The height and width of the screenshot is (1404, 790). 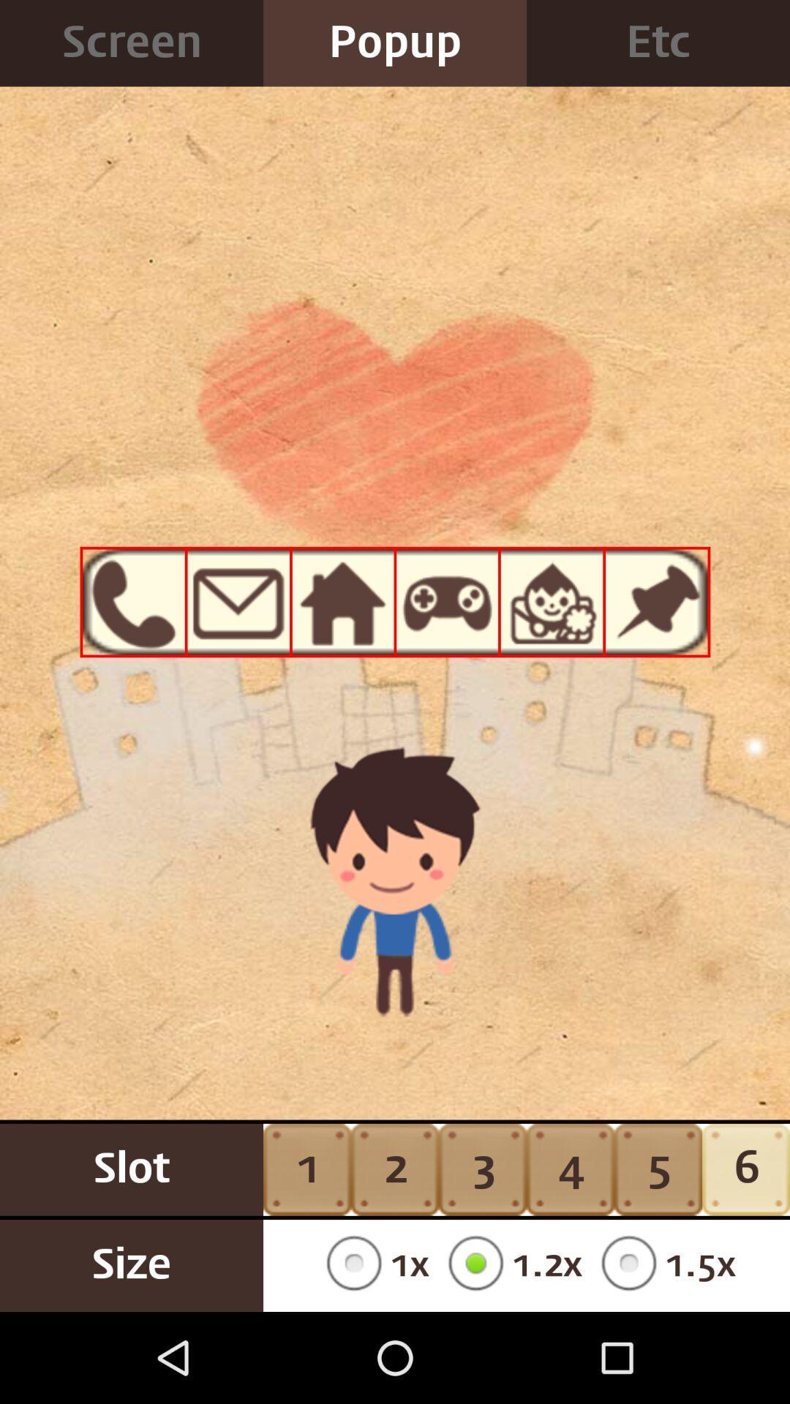 I want to click on icon next to 1 item, so click(x=395, y=1169).